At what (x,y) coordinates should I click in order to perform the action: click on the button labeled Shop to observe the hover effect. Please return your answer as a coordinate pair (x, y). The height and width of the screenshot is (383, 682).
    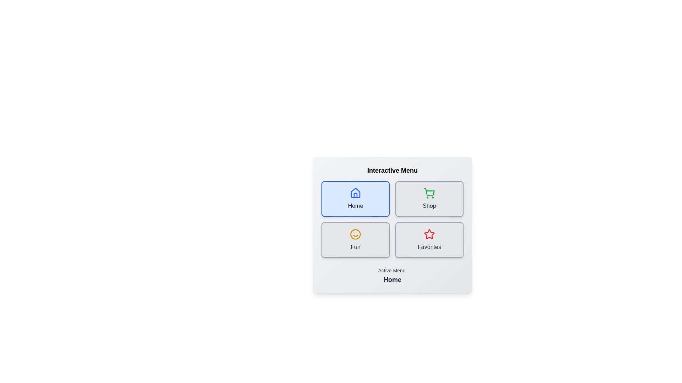
    Looking at the image, I should click on (429, 199).